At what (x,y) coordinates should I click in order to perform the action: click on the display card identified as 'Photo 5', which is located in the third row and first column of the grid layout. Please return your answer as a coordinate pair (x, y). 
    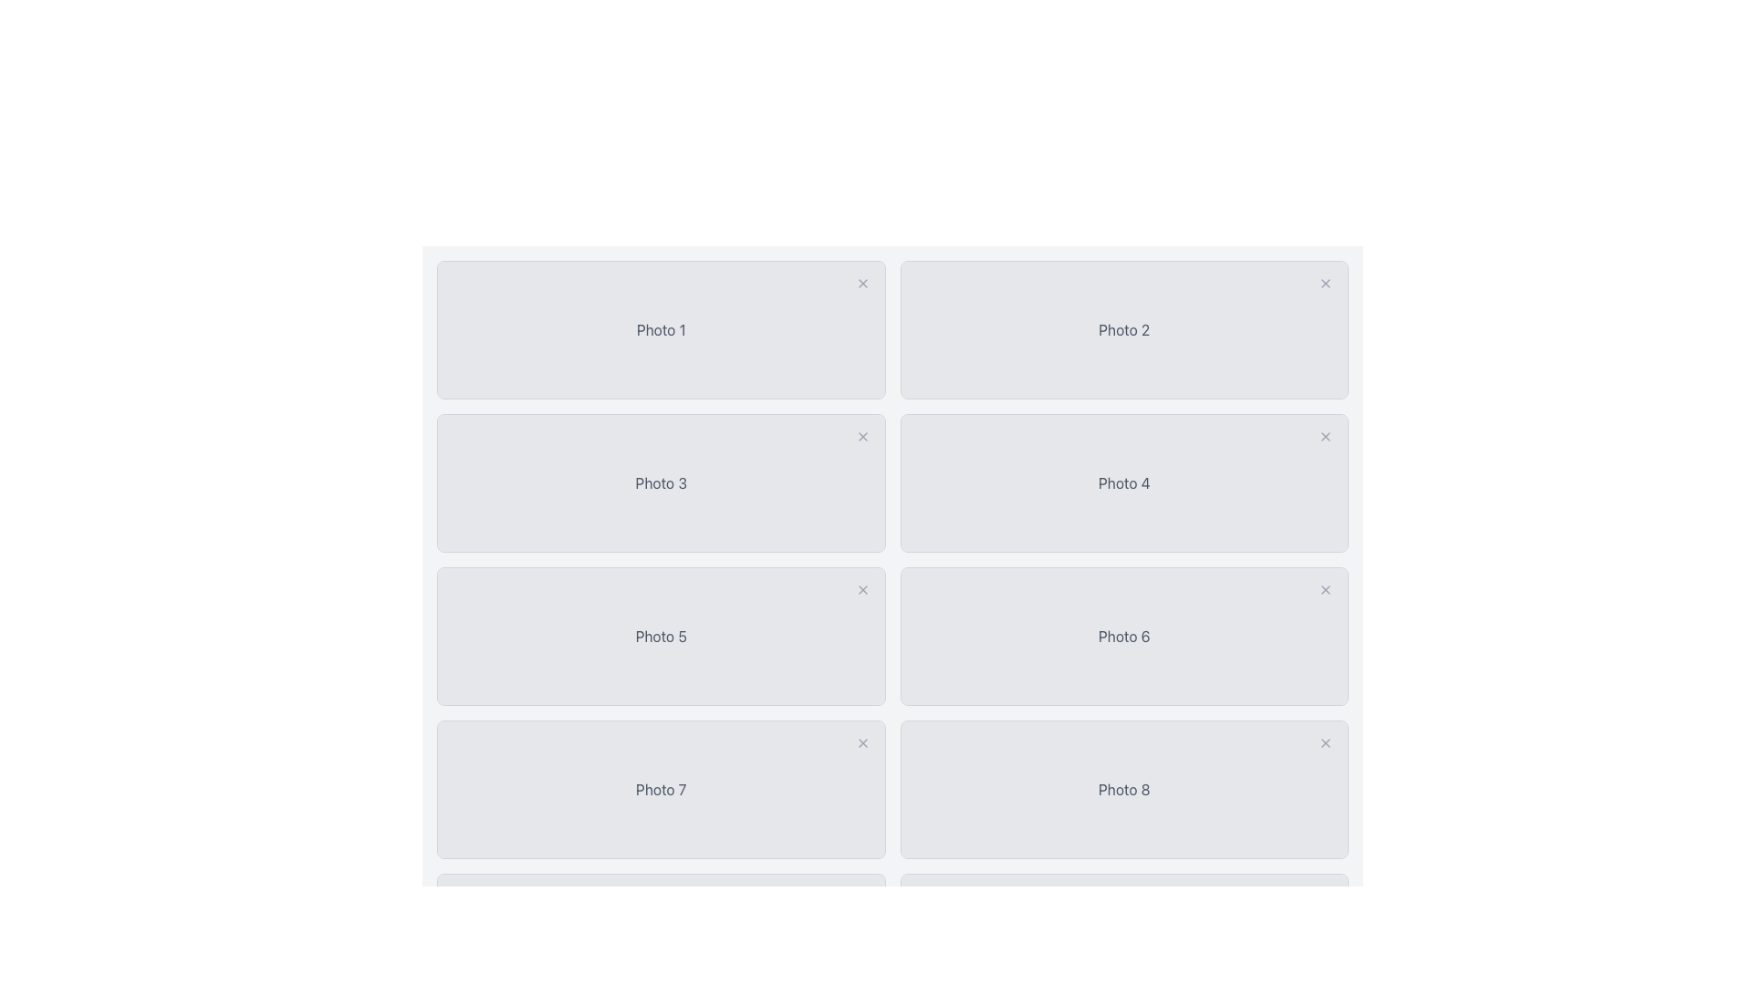
    Looking at the image, I should click on (660, 636).